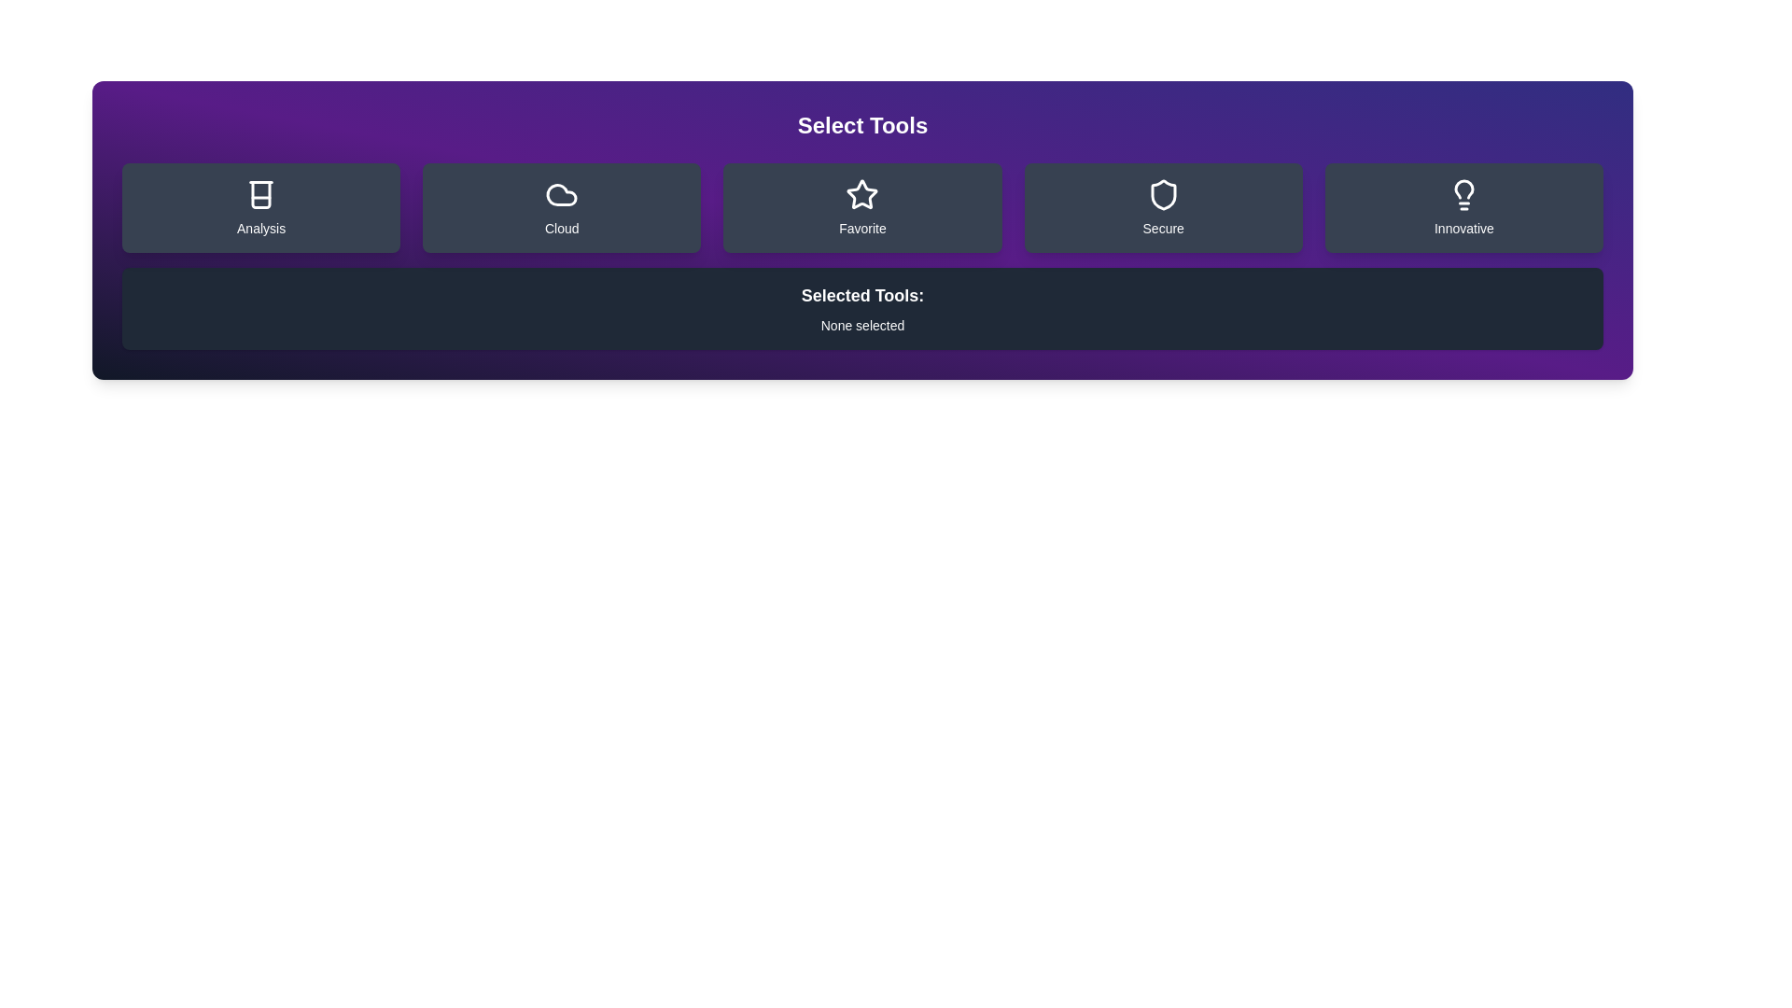 The width and height of the screenshot is (1792, 1008). What do you see at coordinates (1463, 208) in the screenshot?
I see `the 'Innovative' button, which is the last button in the row of selectable options` at bounding box center [1463, 208].